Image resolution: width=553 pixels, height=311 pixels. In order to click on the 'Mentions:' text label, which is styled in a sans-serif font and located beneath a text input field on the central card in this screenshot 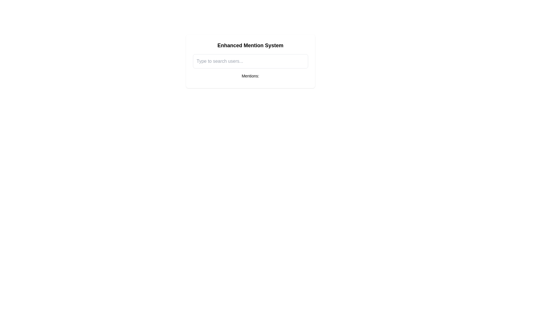, I will do `click(250, 75)`.